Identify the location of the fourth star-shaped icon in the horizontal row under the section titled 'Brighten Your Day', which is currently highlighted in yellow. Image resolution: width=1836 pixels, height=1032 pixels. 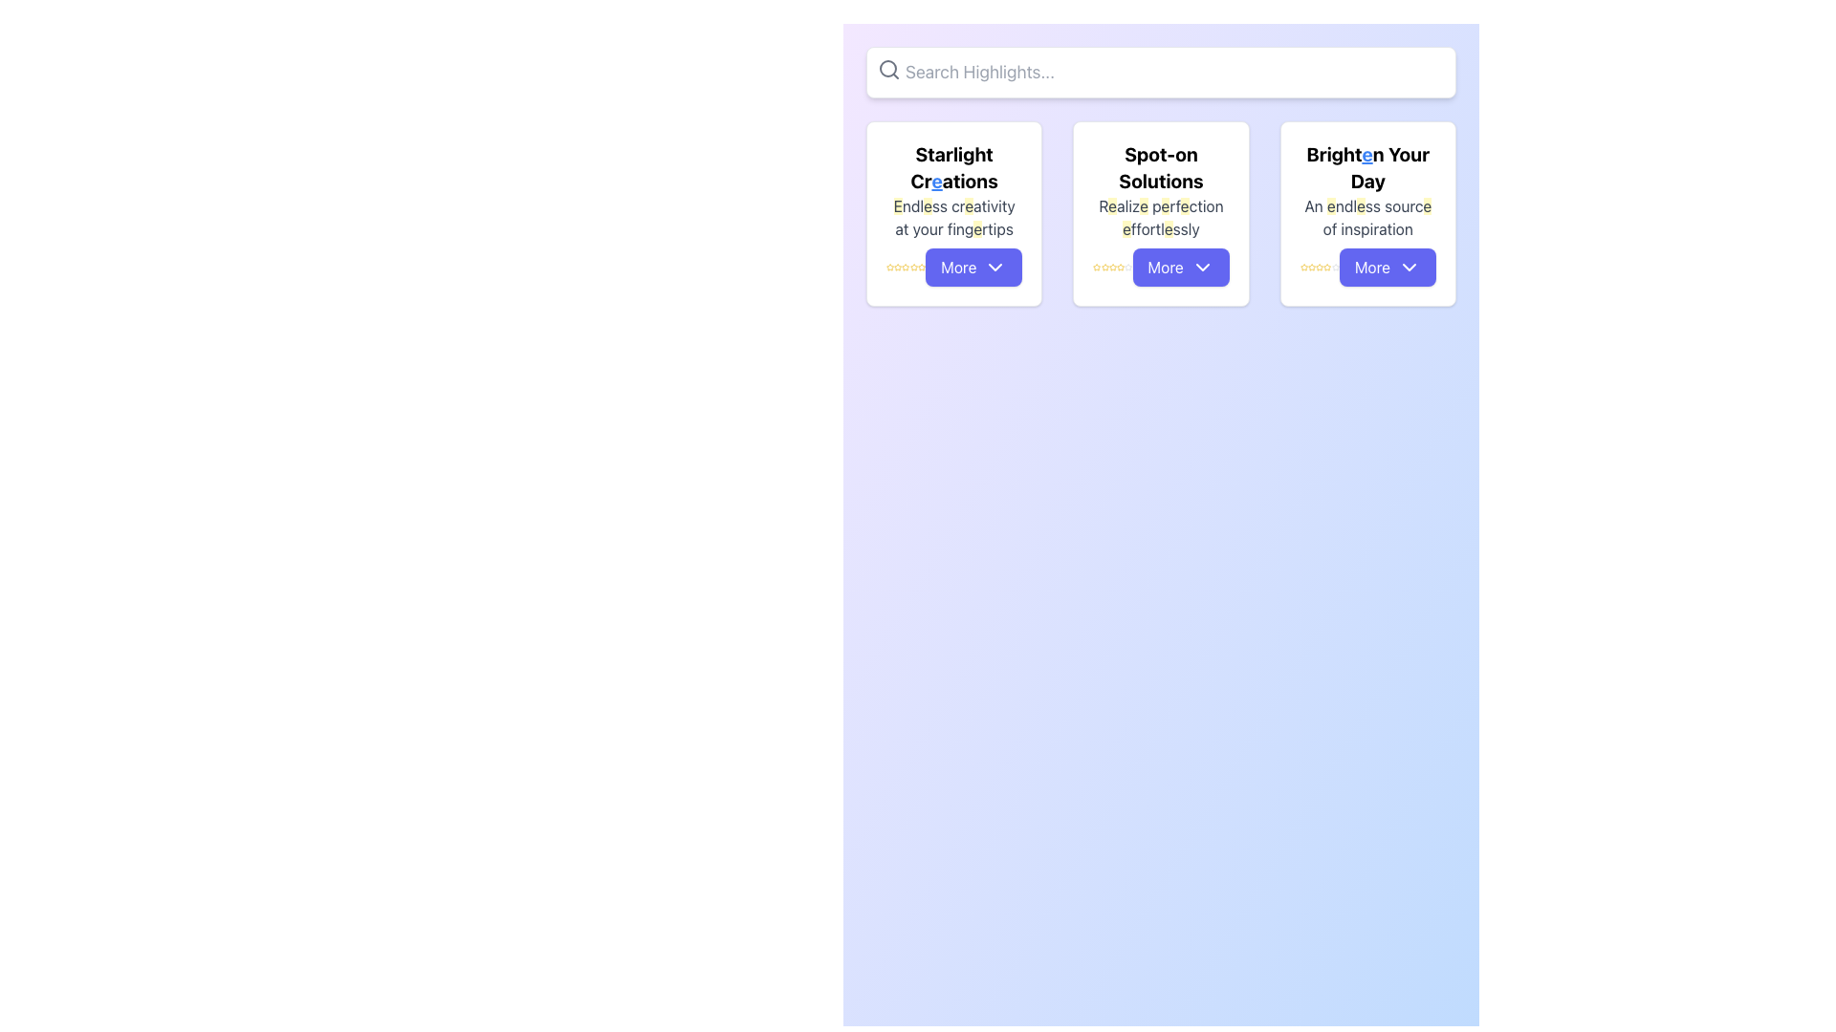
(1319, 268).